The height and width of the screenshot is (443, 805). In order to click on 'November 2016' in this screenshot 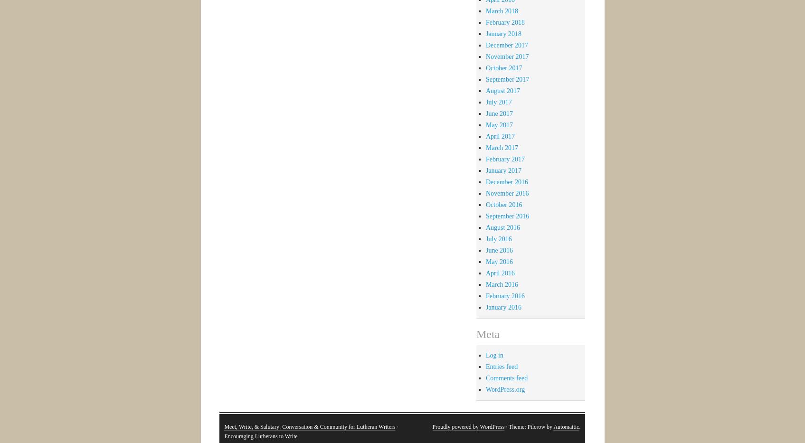, I will do `click(507, 193)`.